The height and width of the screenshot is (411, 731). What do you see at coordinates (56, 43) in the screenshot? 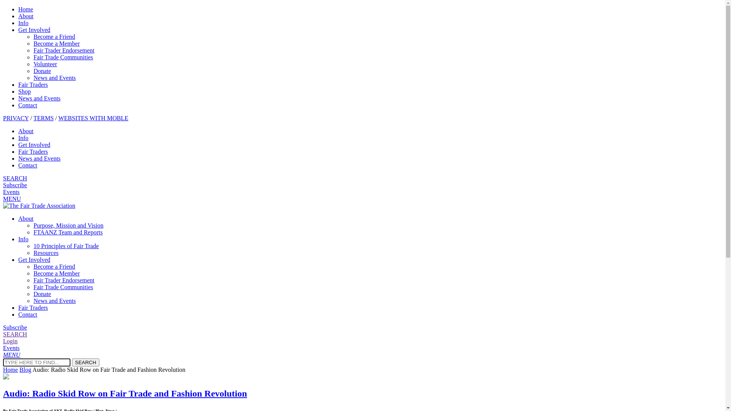
I see `'Become a Member'` at bounding box center [56, 43].